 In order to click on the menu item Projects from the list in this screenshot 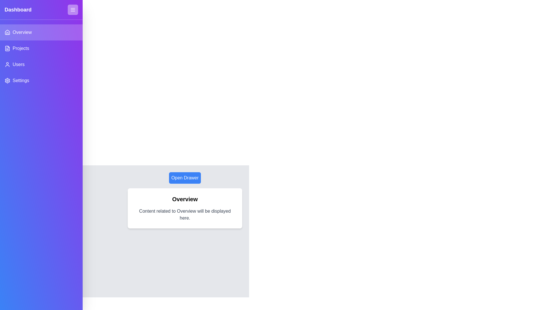, I will do `click(41, 48)`.